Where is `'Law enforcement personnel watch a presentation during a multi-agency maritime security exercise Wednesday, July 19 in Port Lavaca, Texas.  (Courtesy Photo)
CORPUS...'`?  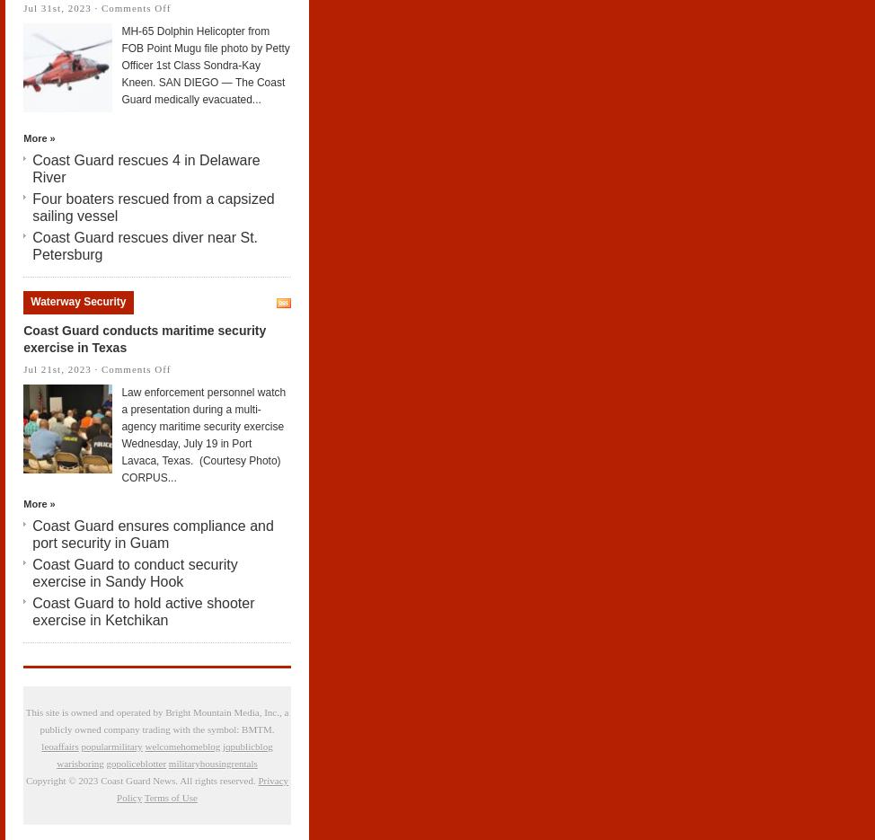 'Law enforcement personnel watch a presentation during a multi-agency maritime security exercise Wednesday, July 19 in Port Lavaca, Texas.  (Courtesy Photo)
CORPUS...' is located at coordinates (203, 434).